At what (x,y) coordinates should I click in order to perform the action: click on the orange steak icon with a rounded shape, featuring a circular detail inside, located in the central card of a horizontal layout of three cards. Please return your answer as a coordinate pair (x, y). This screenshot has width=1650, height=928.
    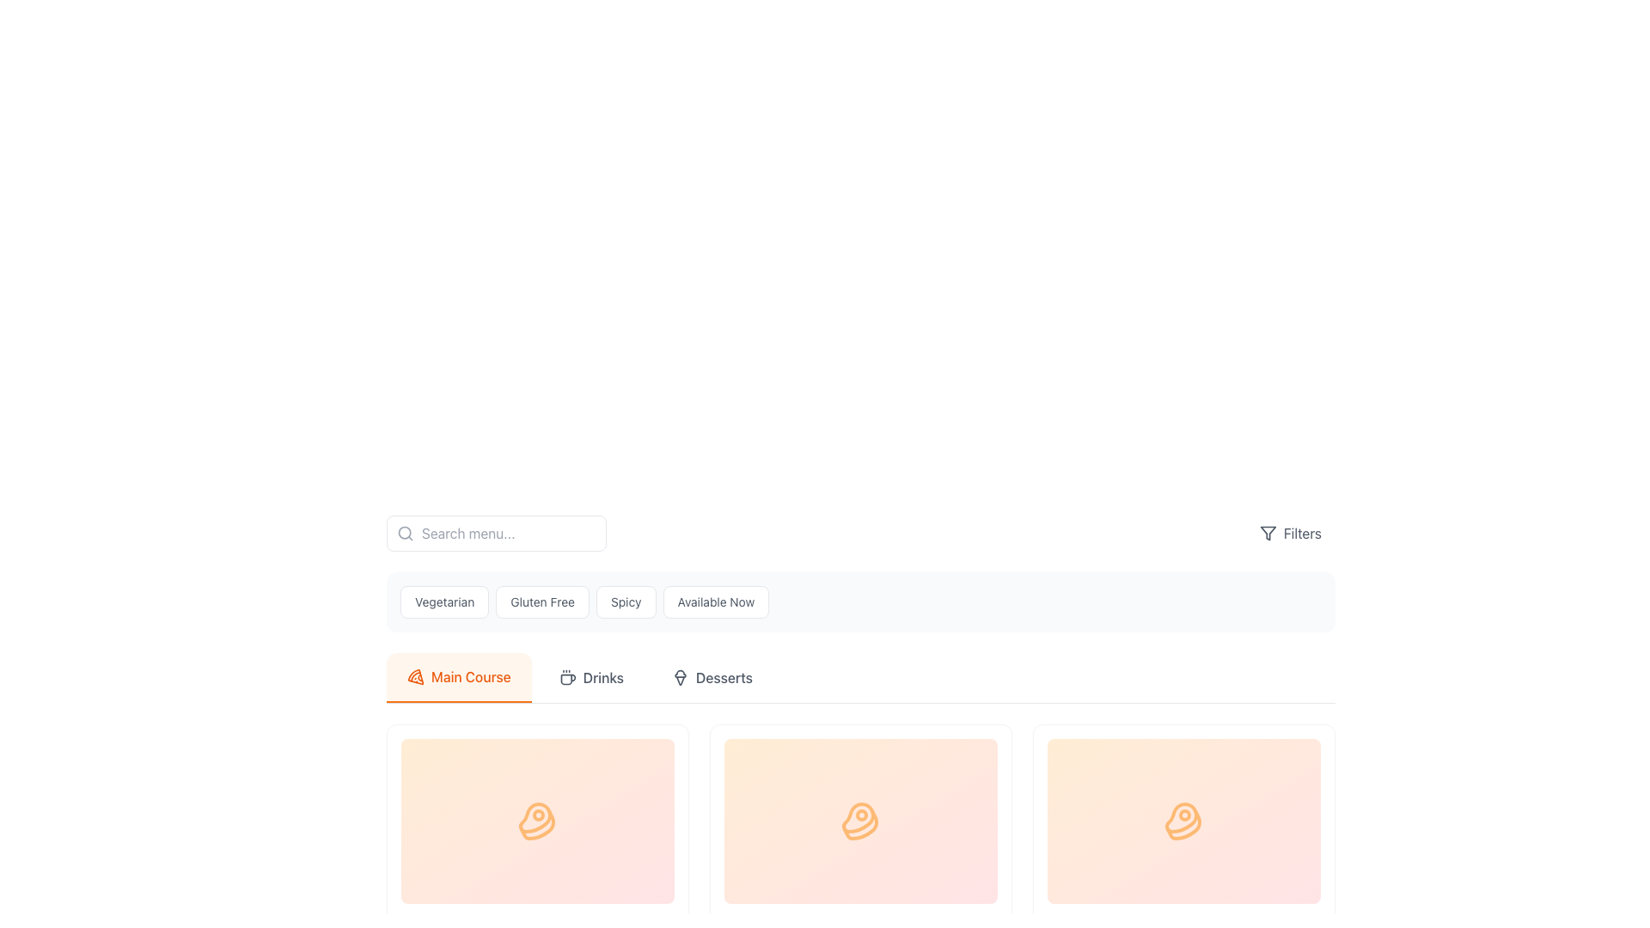
    Looking at the image, I should click on (861, 821).